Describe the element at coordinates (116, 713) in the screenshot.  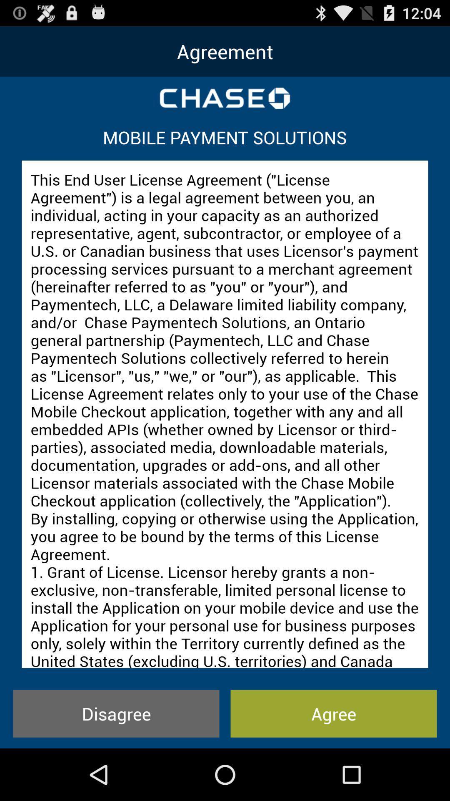
I see `the icon to the left of agree icon` at that location.